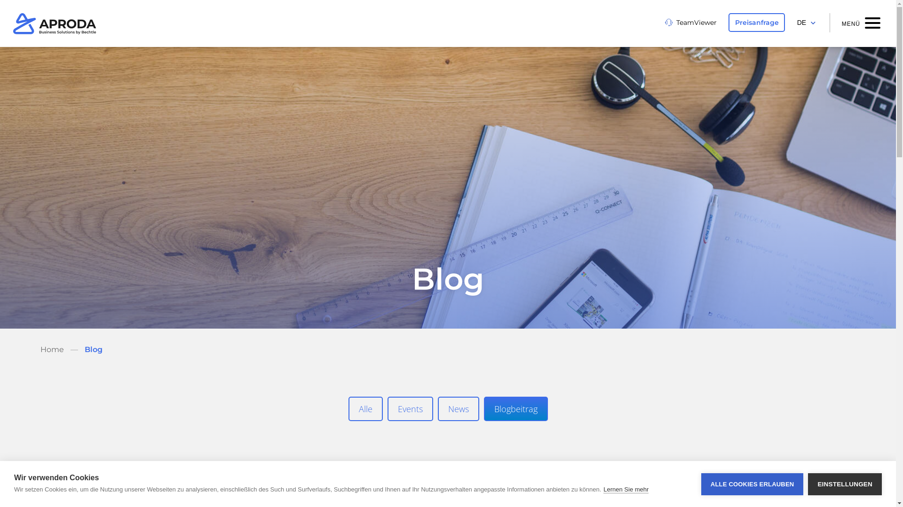  Describe the element at coordinates (603, 489) in the screenshot. I see `'Lernen Sie mehr'` at that location.